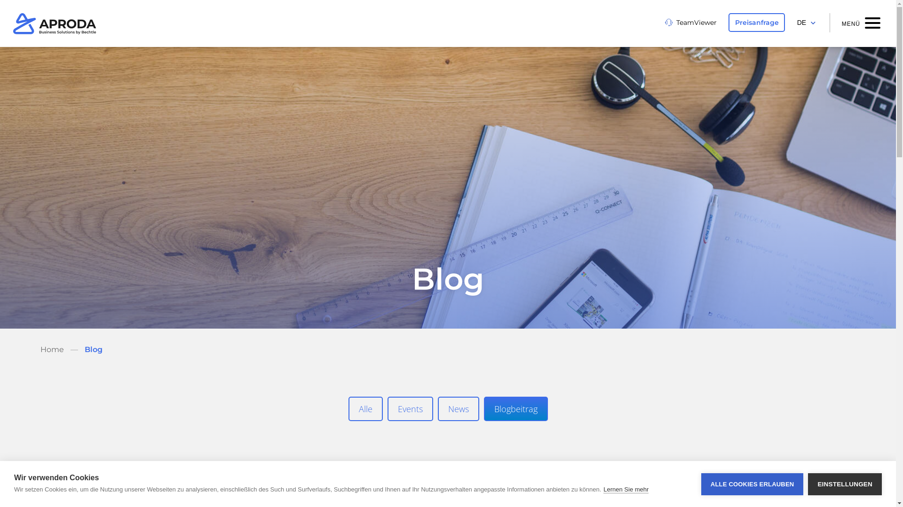  Describe the element at coordinates (603, 489) in the screenshot. I see `'Lernen Sie mehr'` at that location.